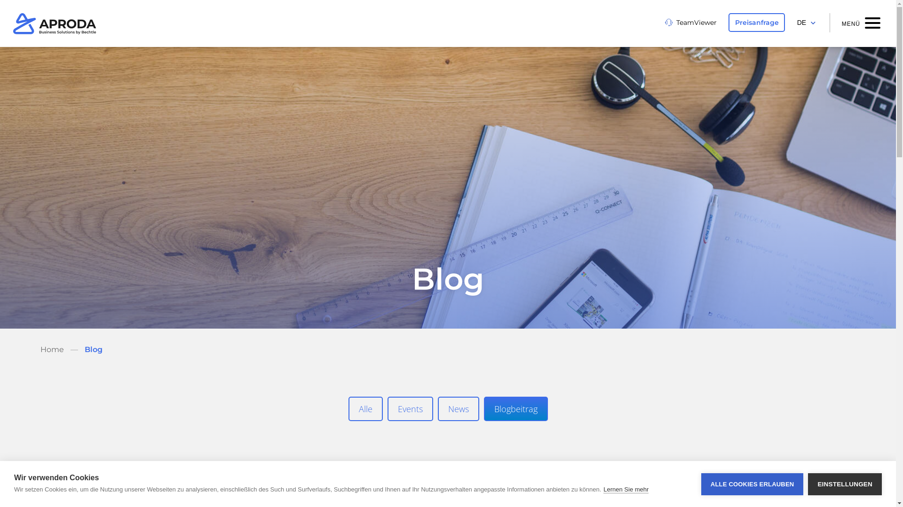  Describe the element at coordinates (603, 489) in the screenshot. I see `'Lernen Sie mehr'` at that location.